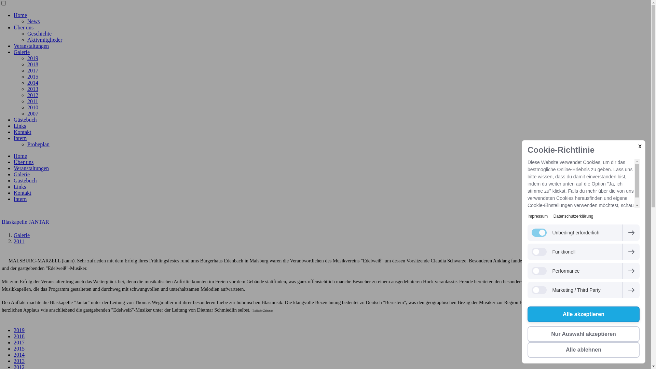 The height and width of the screenshot is (369, 656). I want to click on 'Galerie', so click(13, 174).